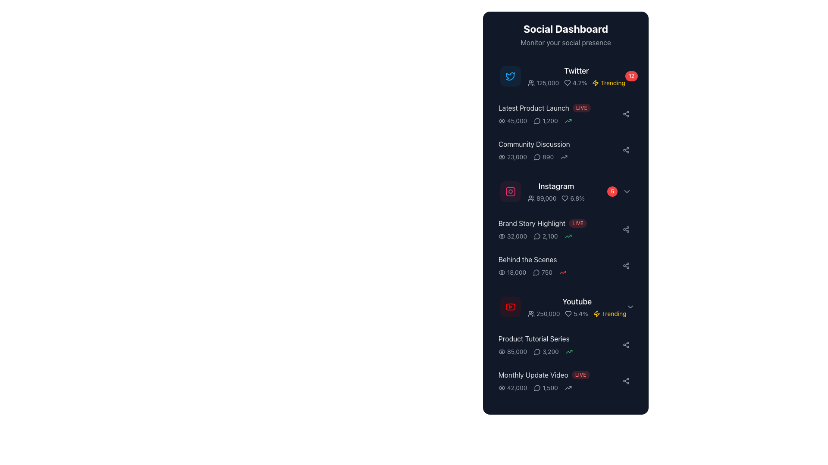  I want to click on text from the trending status label with an accompanying icon located in the 'Youtube' section of the social dashboard UI, positioned to the right of user statistics and above the dropdown indicator, so click(609, 314).